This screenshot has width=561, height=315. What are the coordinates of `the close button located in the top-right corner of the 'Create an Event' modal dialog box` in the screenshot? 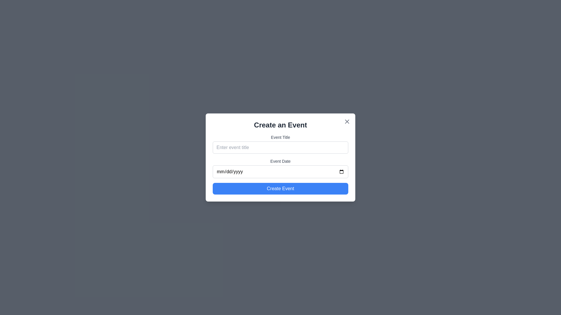 It's located at (347, 121).